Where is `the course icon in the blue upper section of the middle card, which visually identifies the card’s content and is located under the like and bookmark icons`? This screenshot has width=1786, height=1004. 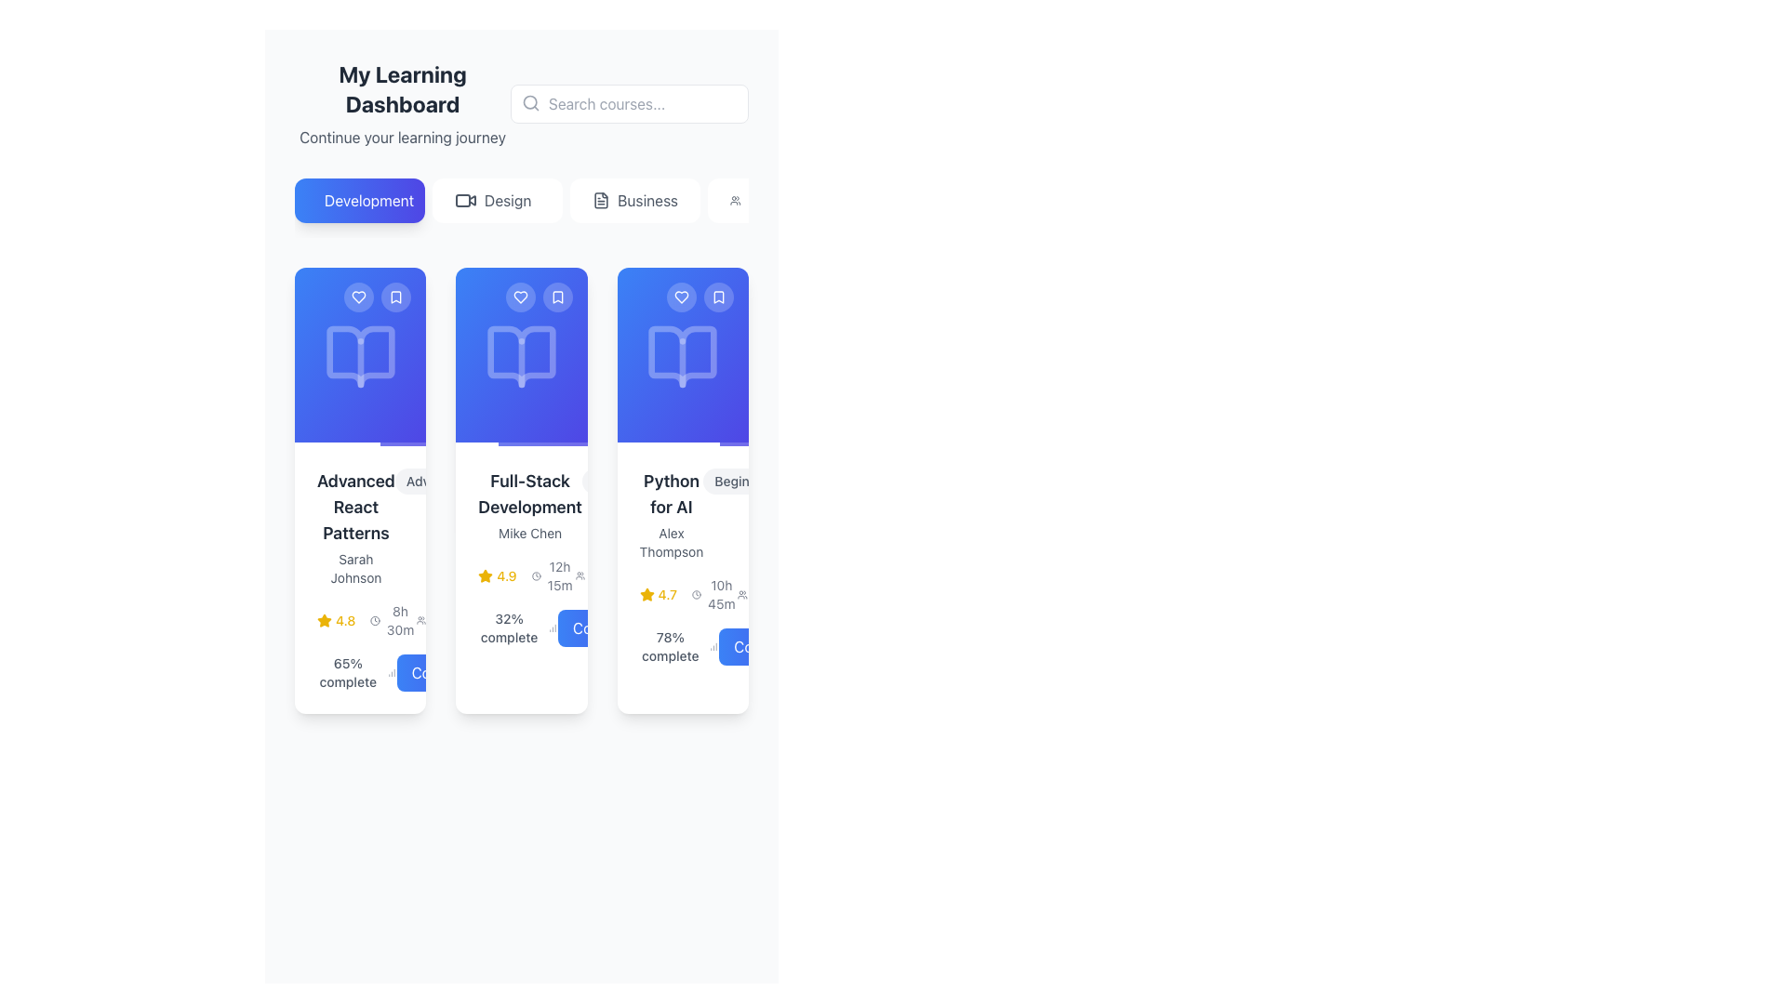 the course icon in the blue upper section of the middle card, which visually identifies the card’s content and is located under the like and bookmark icons is located at coordinates (521, 357).